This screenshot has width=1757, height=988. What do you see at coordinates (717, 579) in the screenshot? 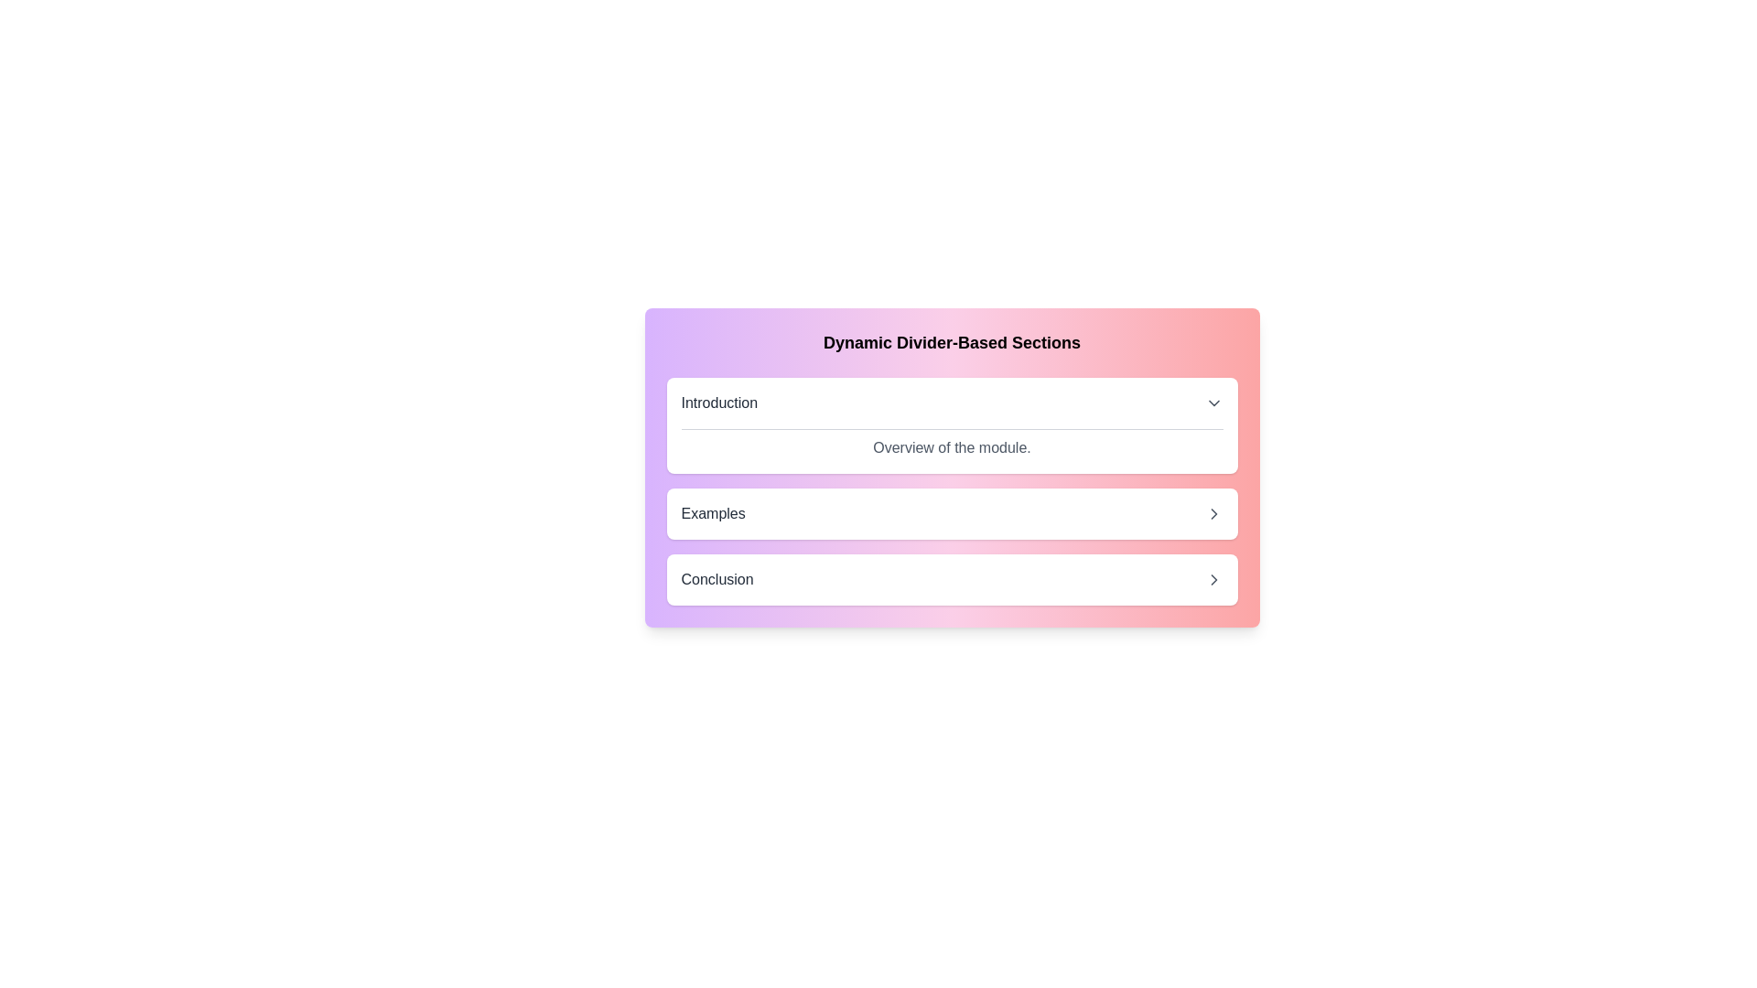
I see `the 'Conclusion' text label, which is the last entry under the 'Dynamic Divider-Based Sections' header, positioned below the 'Examples' section` at bounding box center [717, 579].